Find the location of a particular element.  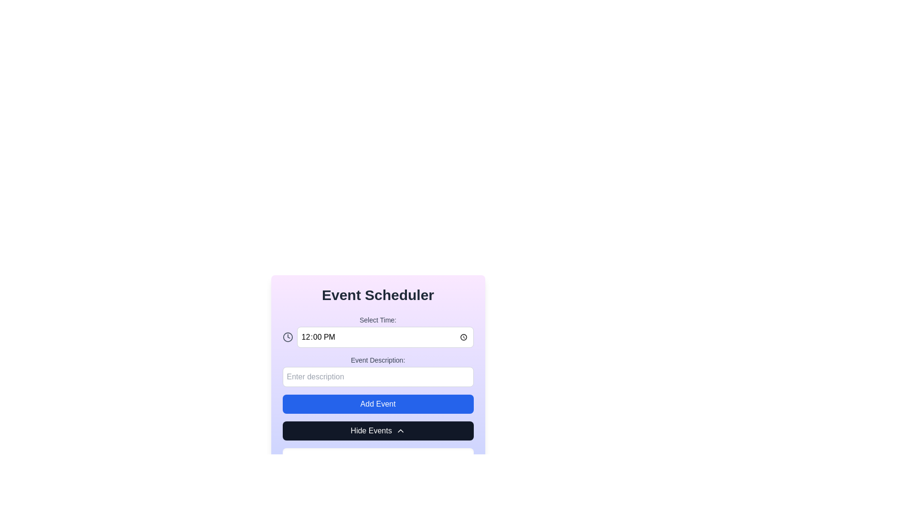

the label that provides context for the adjacent time input field, located below the title 'Event Scheduler' and above the time input field is located at coordinates (377, 320).